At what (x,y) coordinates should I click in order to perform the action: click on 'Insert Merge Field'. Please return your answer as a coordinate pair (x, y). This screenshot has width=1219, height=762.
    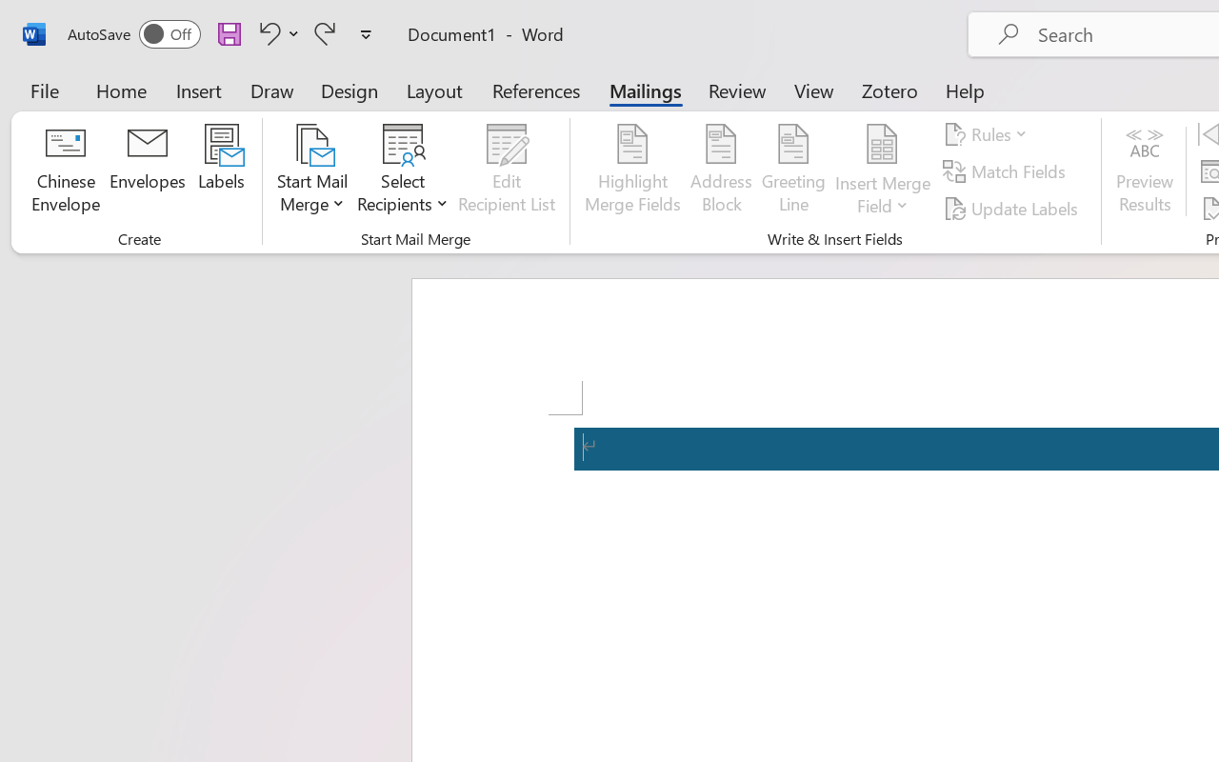
    Looking at the image, I should click on (882, 144).